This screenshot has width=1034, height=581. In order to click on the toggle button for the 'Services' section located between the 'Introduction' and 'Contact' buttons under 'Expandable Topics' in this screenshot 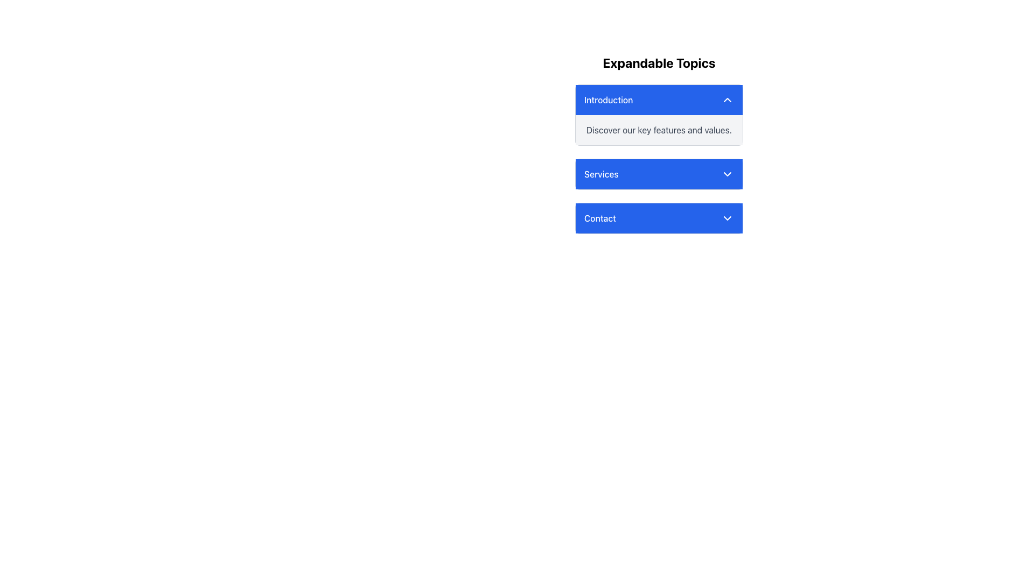, I will do `click(659, 174)`.